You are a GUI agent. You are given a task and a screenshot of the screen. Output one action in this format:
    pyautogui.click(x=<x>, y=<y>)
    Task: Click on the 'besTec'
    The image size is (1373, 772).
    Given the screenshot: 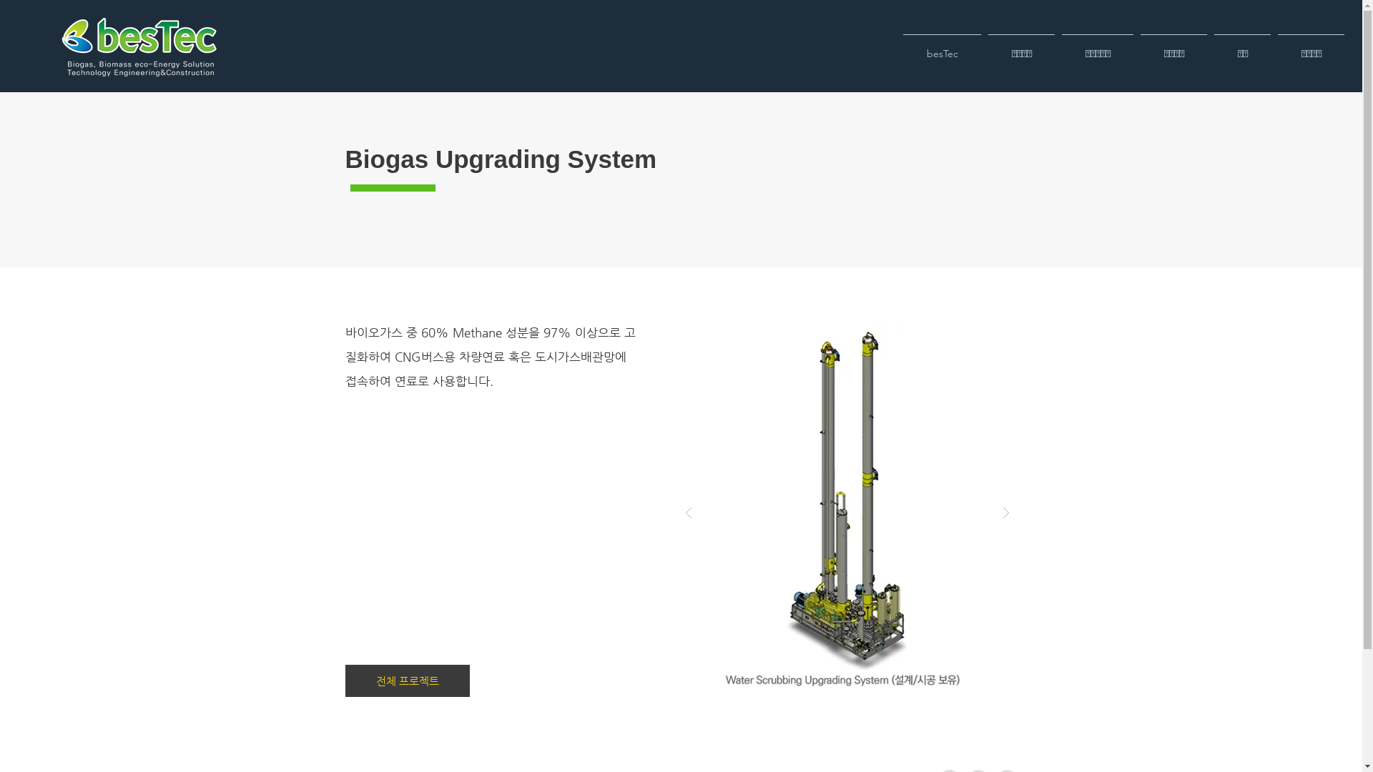 What is the action you would take?
    pyautogui.click(x=942, y=46)
    